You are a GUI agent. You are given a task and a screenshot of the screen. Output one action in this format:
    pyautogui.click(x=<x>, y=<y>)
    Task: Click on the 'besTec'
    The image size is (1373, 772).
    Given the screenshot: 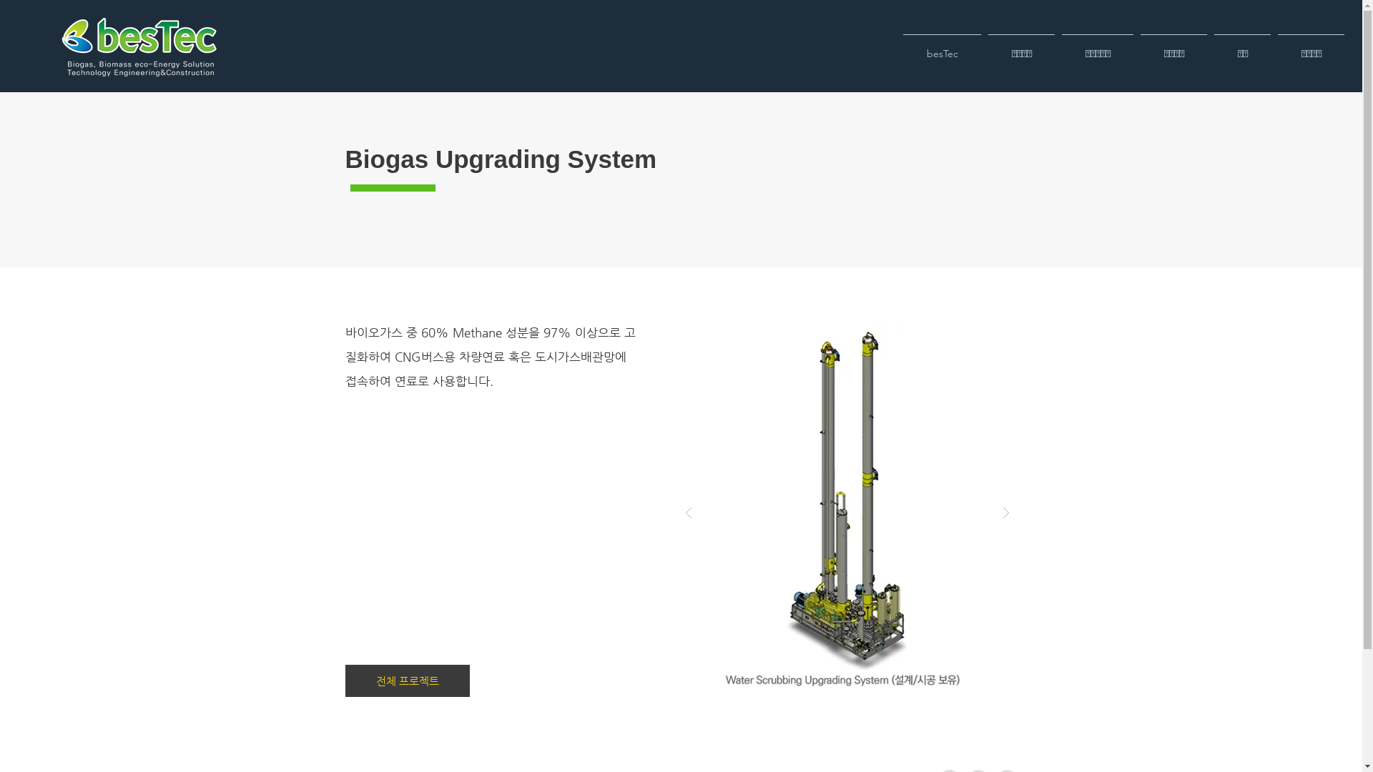 What is the action you would take?
    pyautogui.click(x=942, y=46)
    